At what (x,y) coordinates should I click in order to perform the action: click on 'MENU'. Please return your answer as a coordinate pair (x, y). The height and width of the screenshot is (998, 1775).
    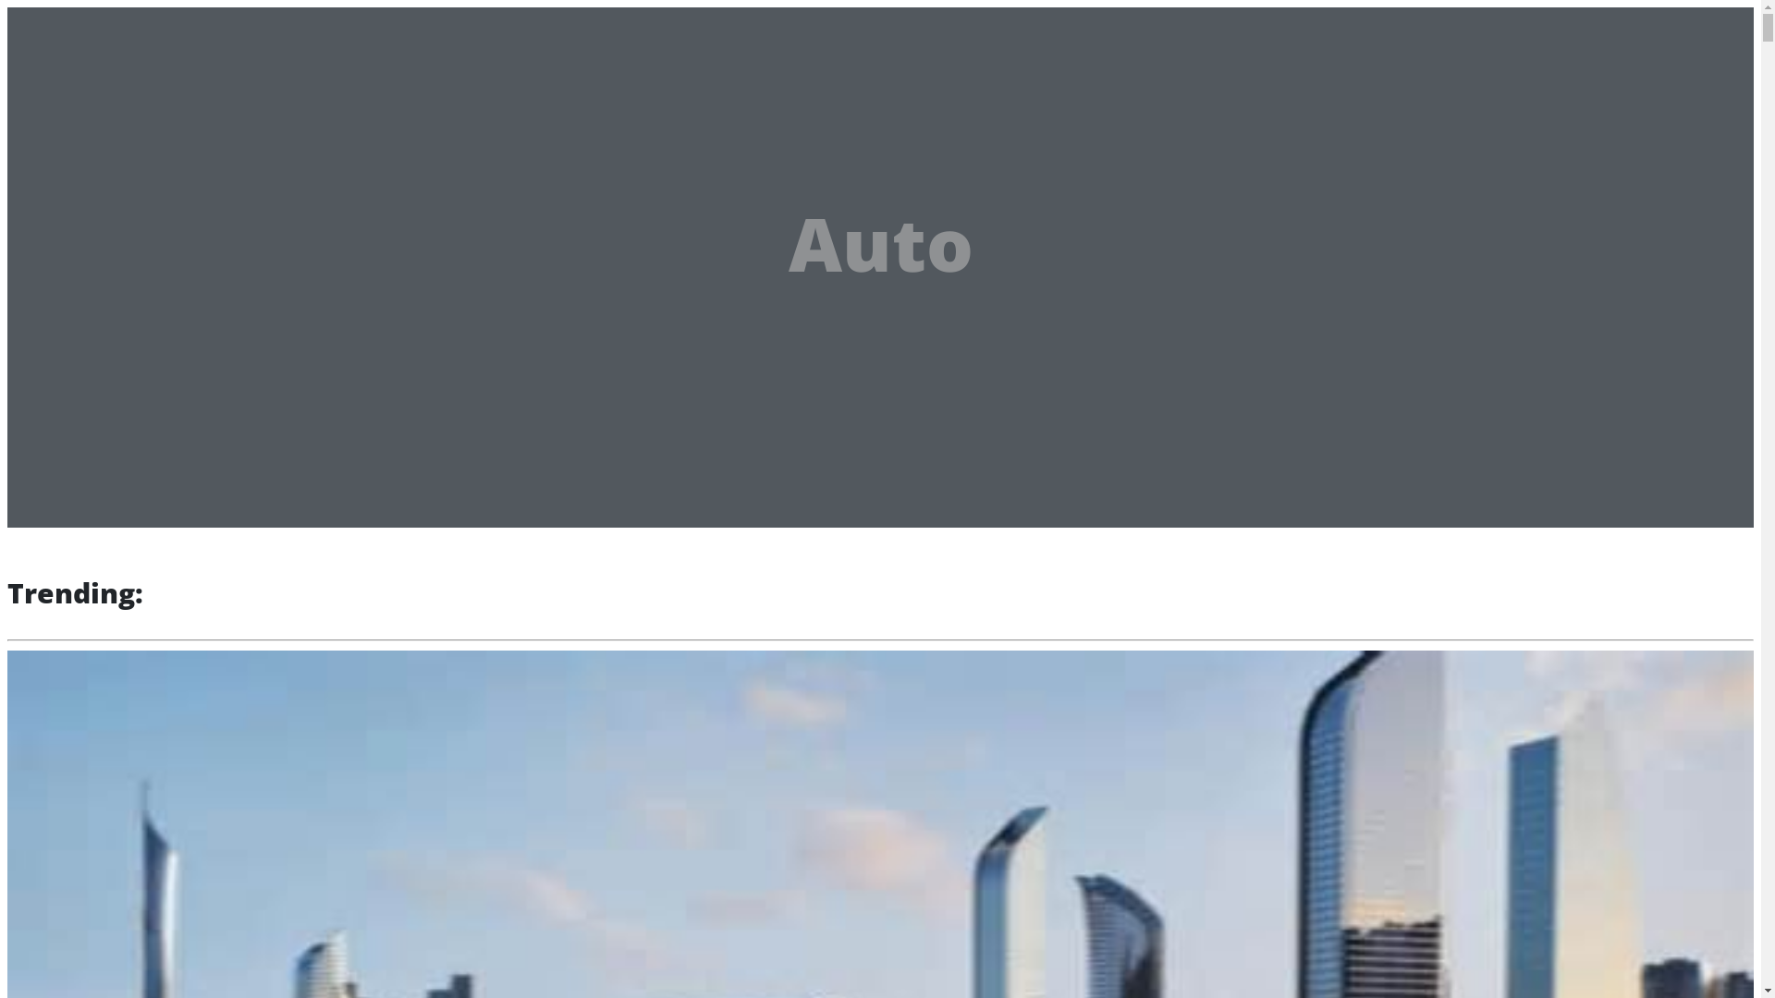
    Looking at the image, I should click on (210, 28).